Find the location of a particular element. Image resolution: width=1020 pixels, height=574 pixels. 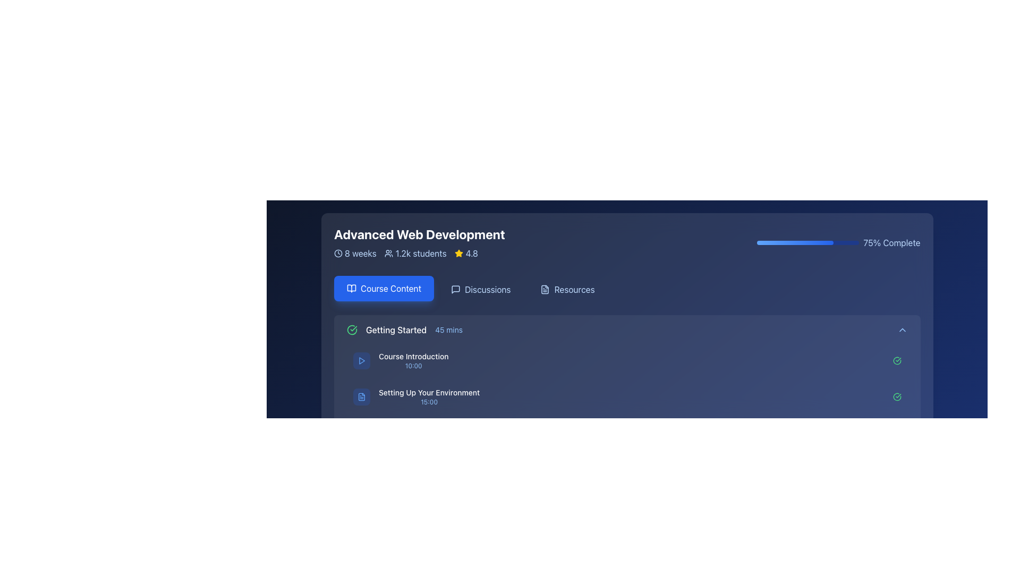

the SVG circle element that is part of the clock icon, which is located to the left of the '8 weeks' text in the Advanced Web Development section is located at coordinates (337, 254).